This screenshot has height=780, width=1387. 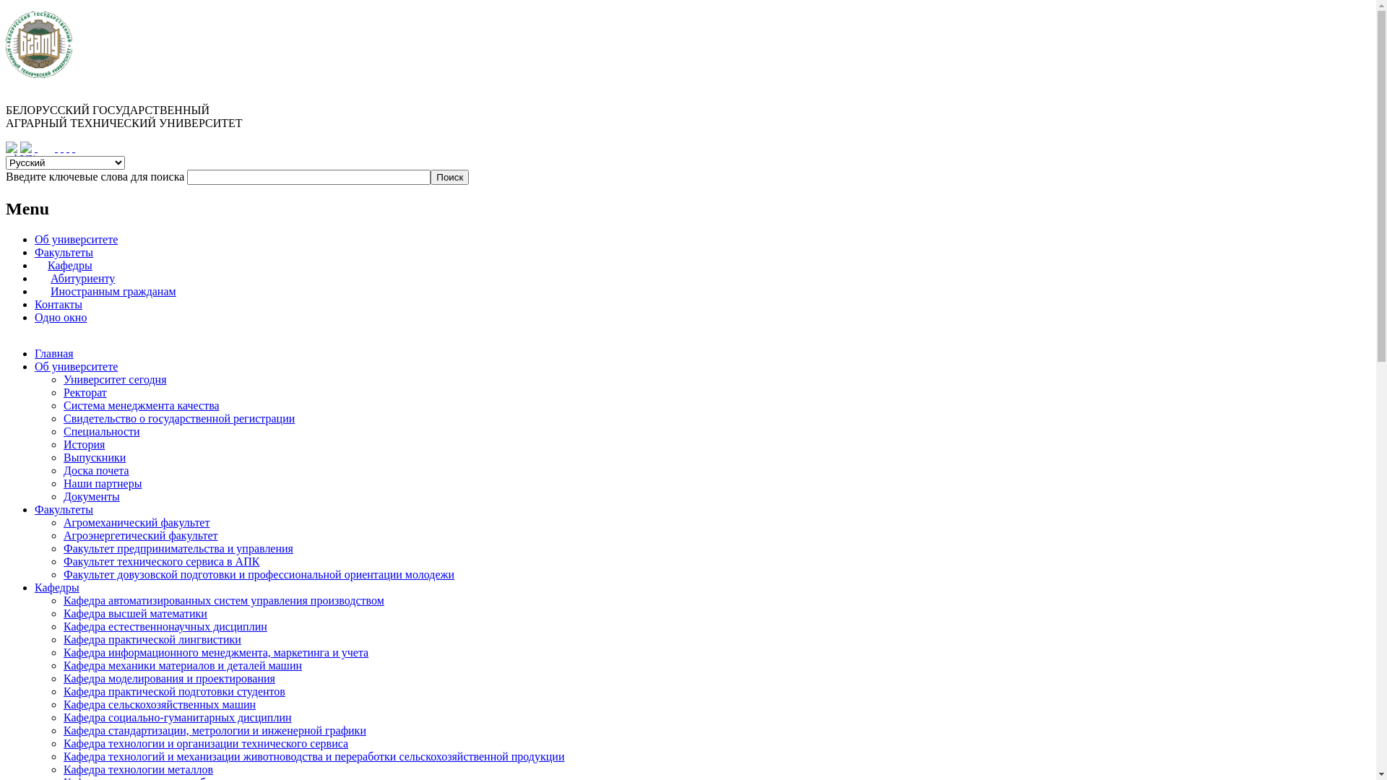 What do you see at coordinates (67, 147) in the screenshot?
I see `' '` at bounding box center [67, 147].